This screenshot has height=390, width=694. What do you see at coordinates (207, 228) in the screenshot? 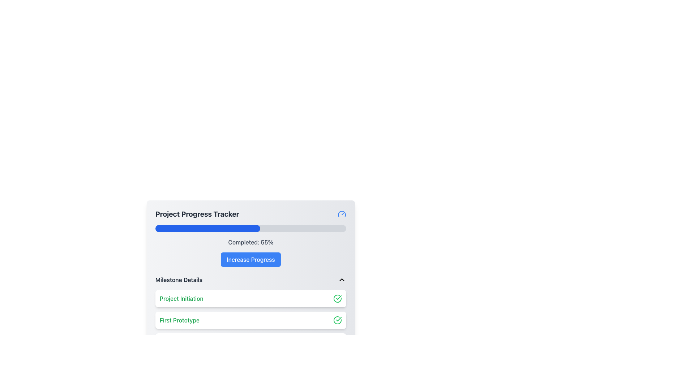
I see `the Progress indicator bar that visually indicates the current progress of the task or project, which is located under the heading 'Project Progress Tracker.'` at bounding box center [207, 228].